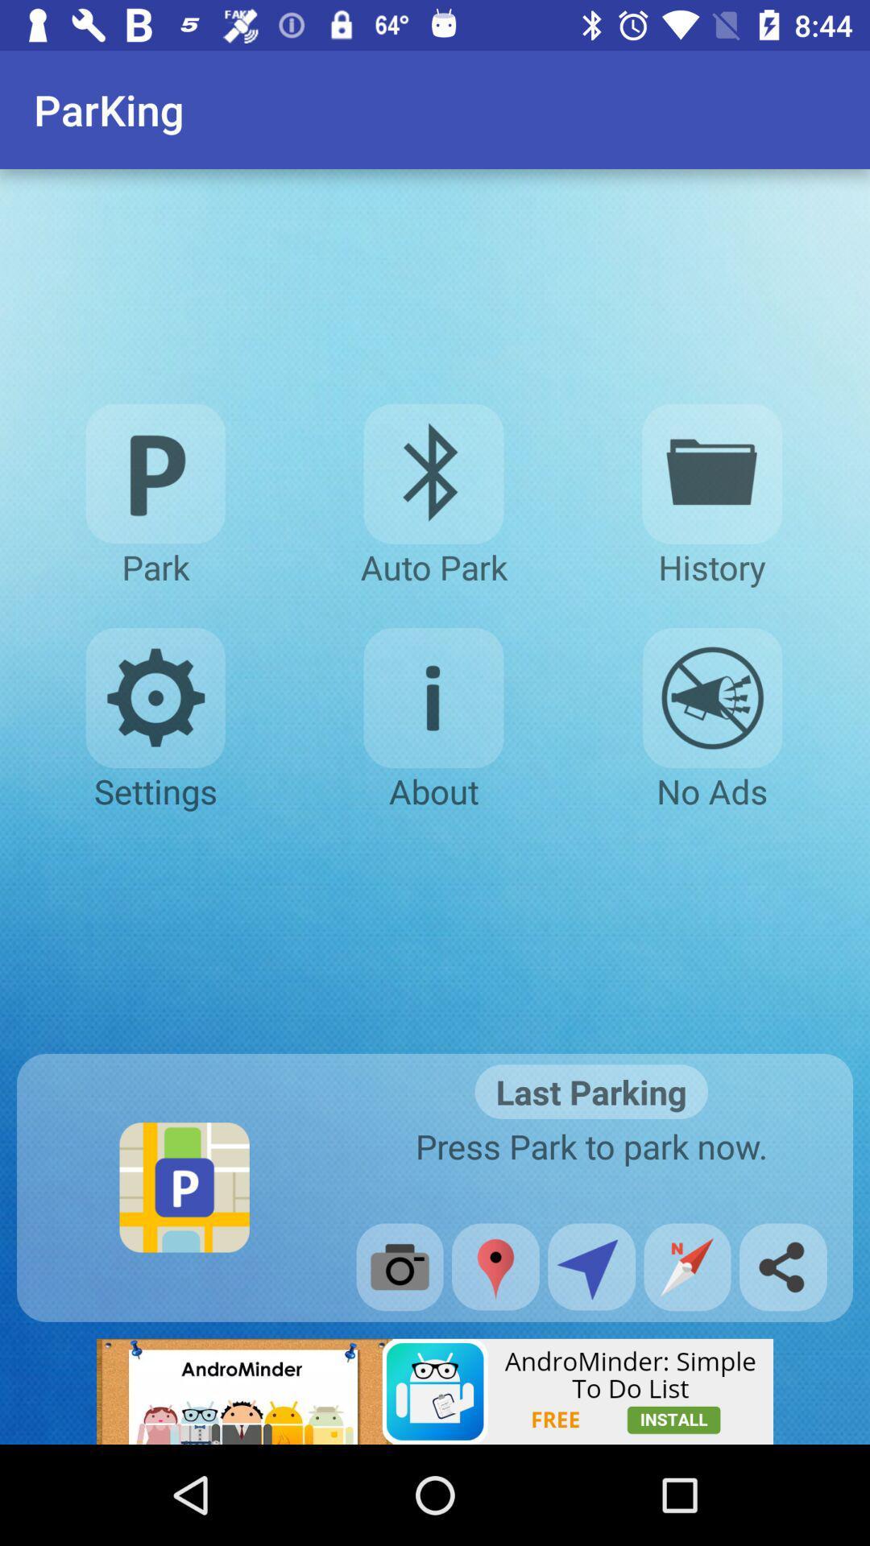  I want to click on the location, so click(495, 1266).